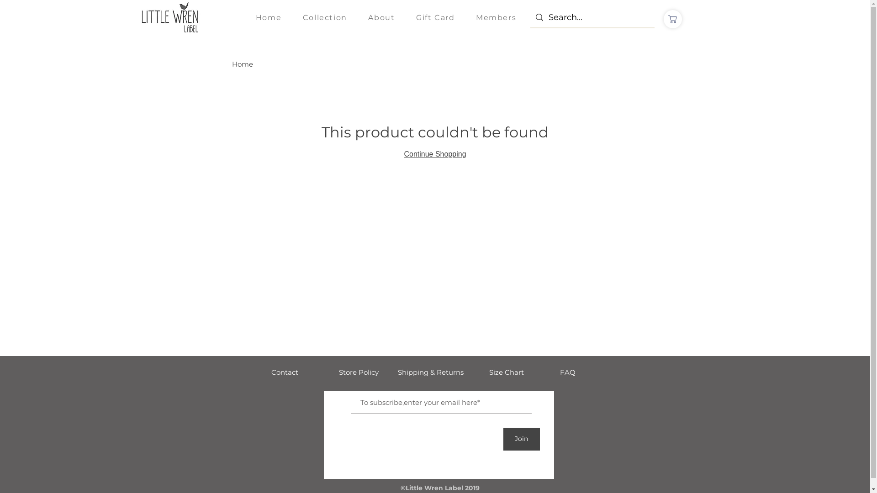  I want to click on 'Continue Shopping', so click(434, 153).